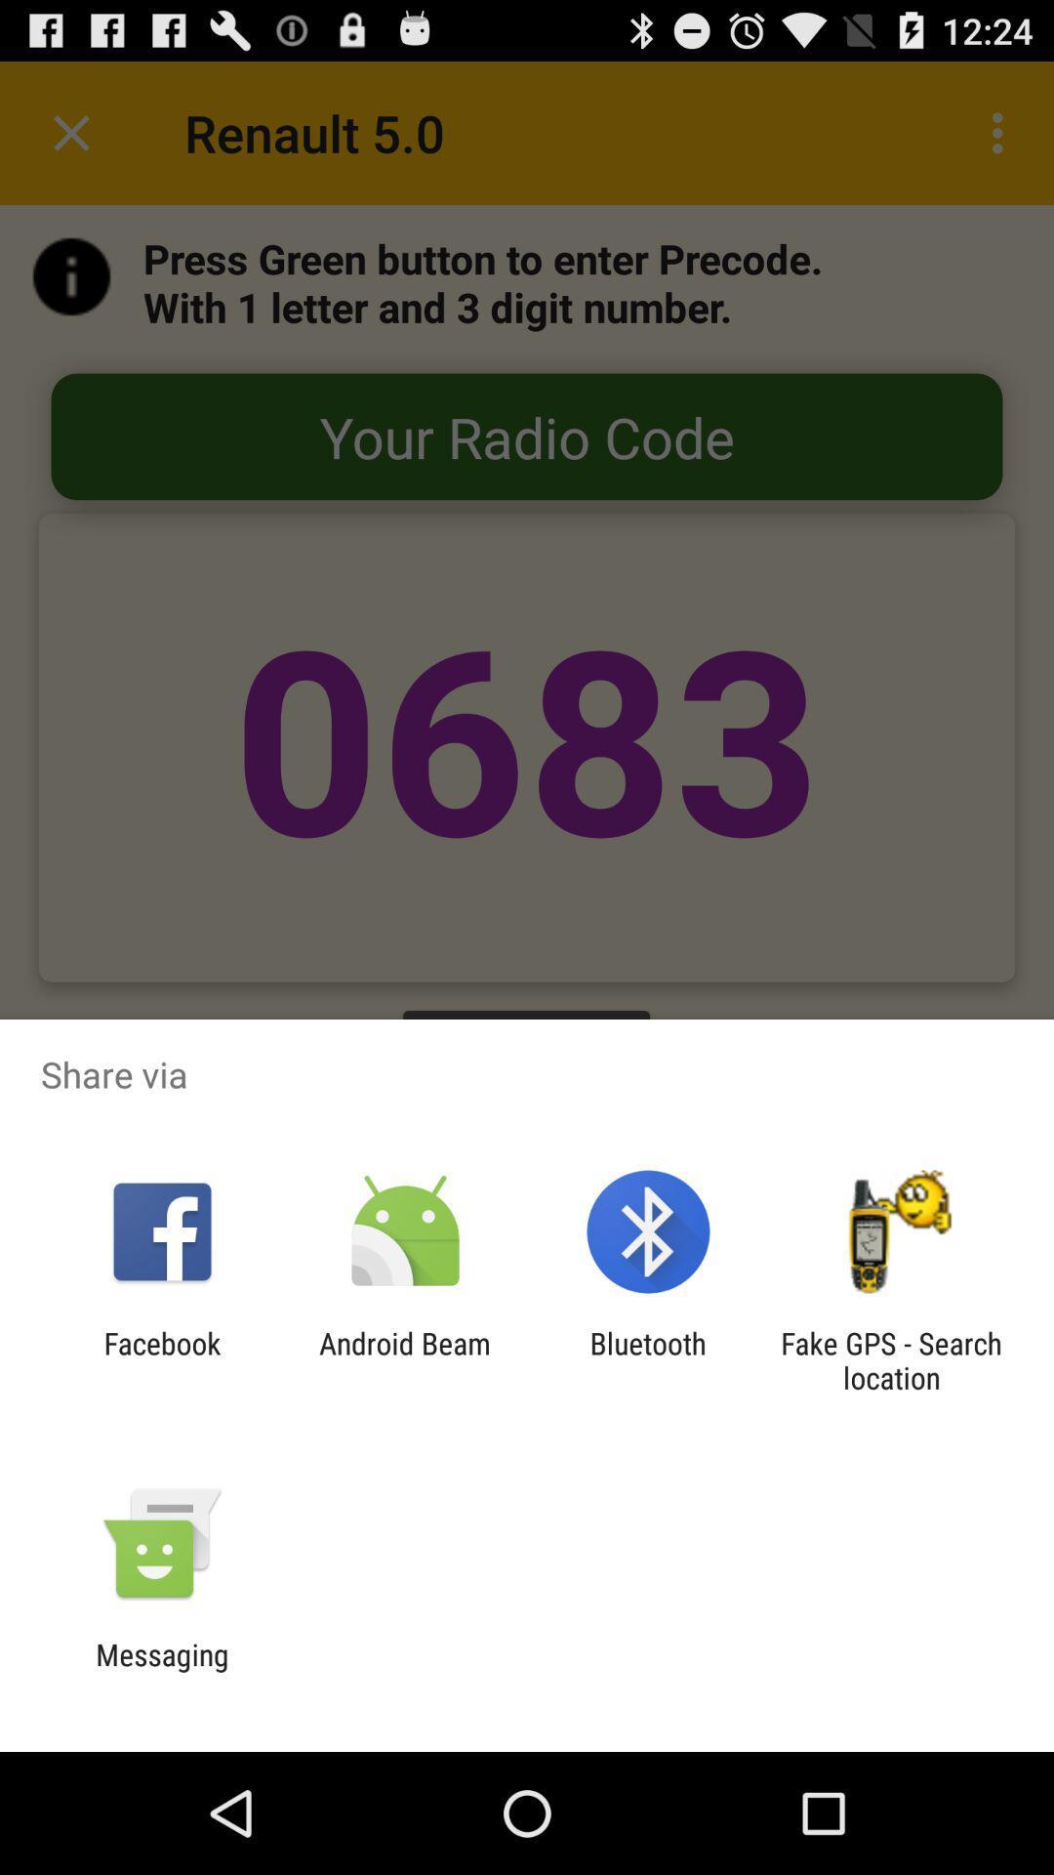 The image size is (1054, 1875). What do you see at coordinates (648, 1359) in the screenshot?
I see `the item to the left of fake gps search` at bounding box center [648, 1359].